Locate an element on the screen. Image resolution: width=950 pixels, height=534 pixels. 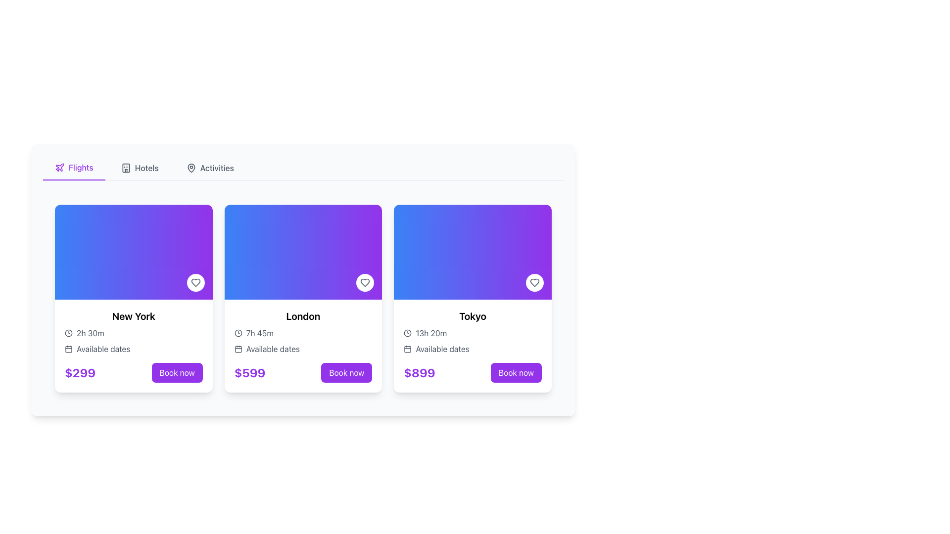
text content of the label displaying '7h 45m', which is styled in grey and located in the London travel destination card, positioned to the right of a clock icon is located at coordinates (260, 333).